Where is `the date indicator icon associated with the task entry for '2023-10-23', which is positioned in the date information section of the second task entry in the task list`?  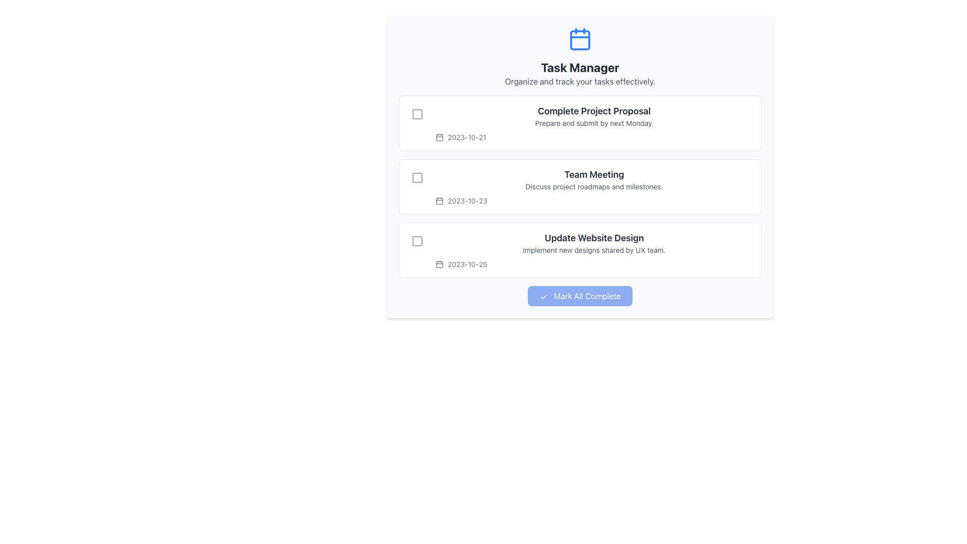
the date indicator icon associated with the task entry for '2023-10-23', which is positioned in the date information section of the second task entry in the task list is located at coordinates (440, 200).